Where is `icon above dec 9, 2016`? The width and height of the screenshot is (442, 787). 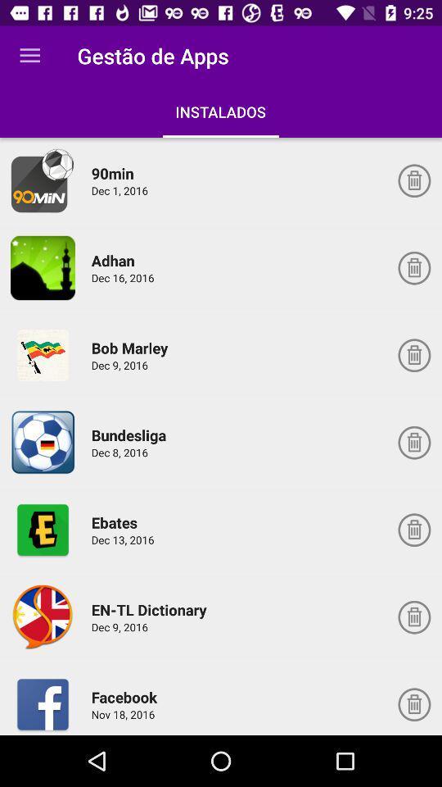
icon above dec 9, 2016 is located at coordinates (132, 348).